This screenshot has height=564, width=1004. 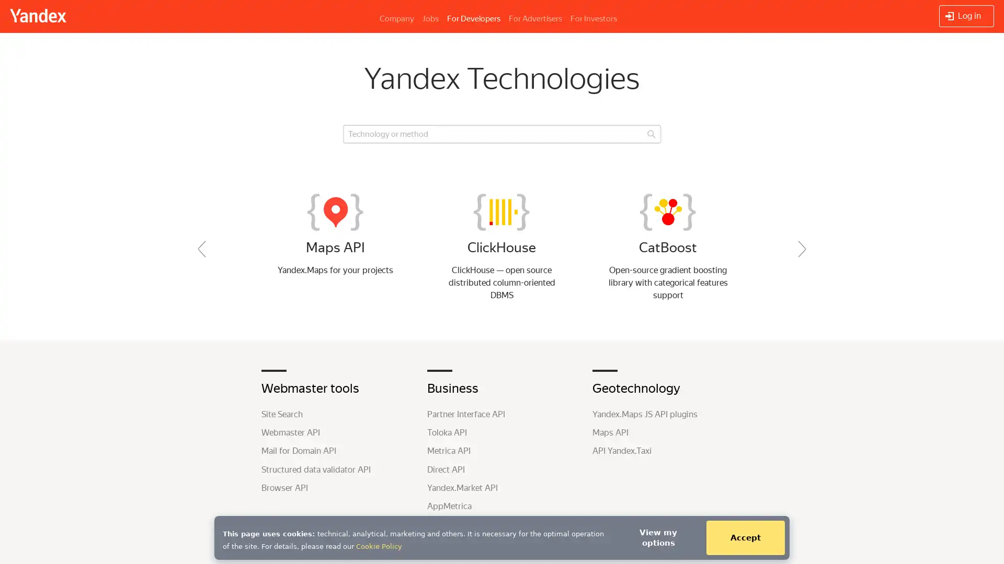 What do you see at coordinates (657, 537) in the screenshot?
I see `View my options` at bounding box center [657, 537].